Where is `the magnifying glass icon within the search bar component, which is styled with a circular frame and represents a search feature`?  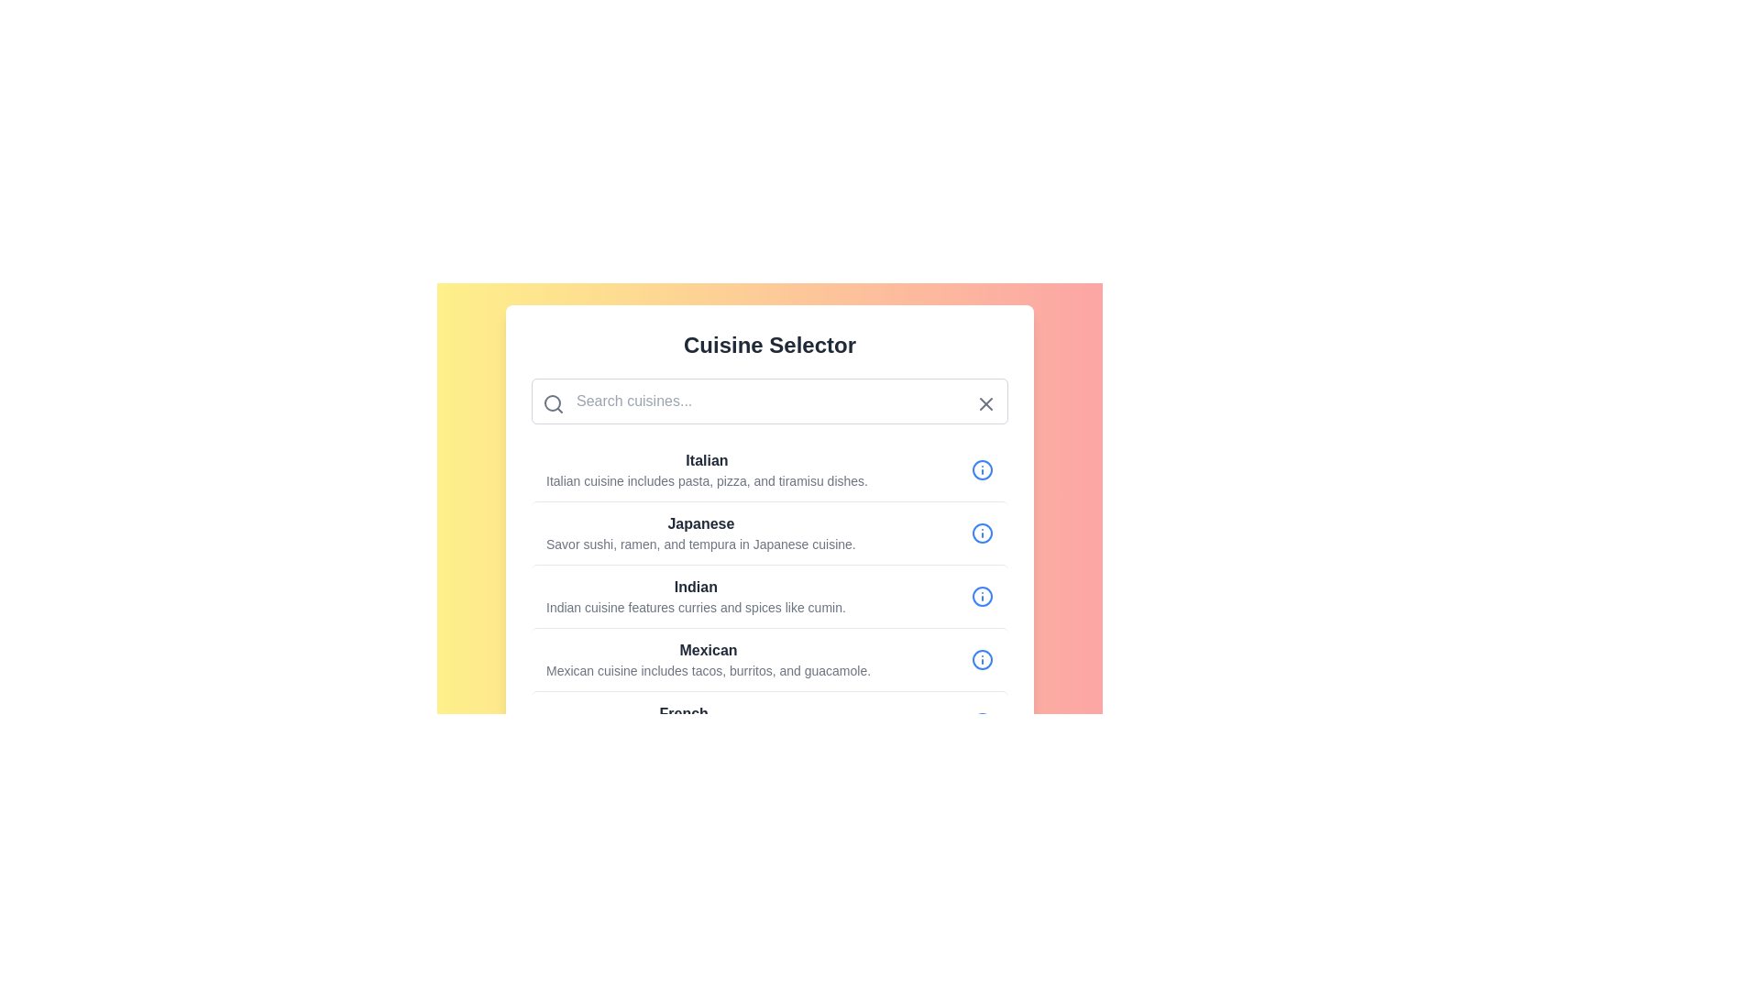 the magnifying glass icon within the search bar component, which is styled with a circular frame and represents a search feature is located at coordinates (553, 402).